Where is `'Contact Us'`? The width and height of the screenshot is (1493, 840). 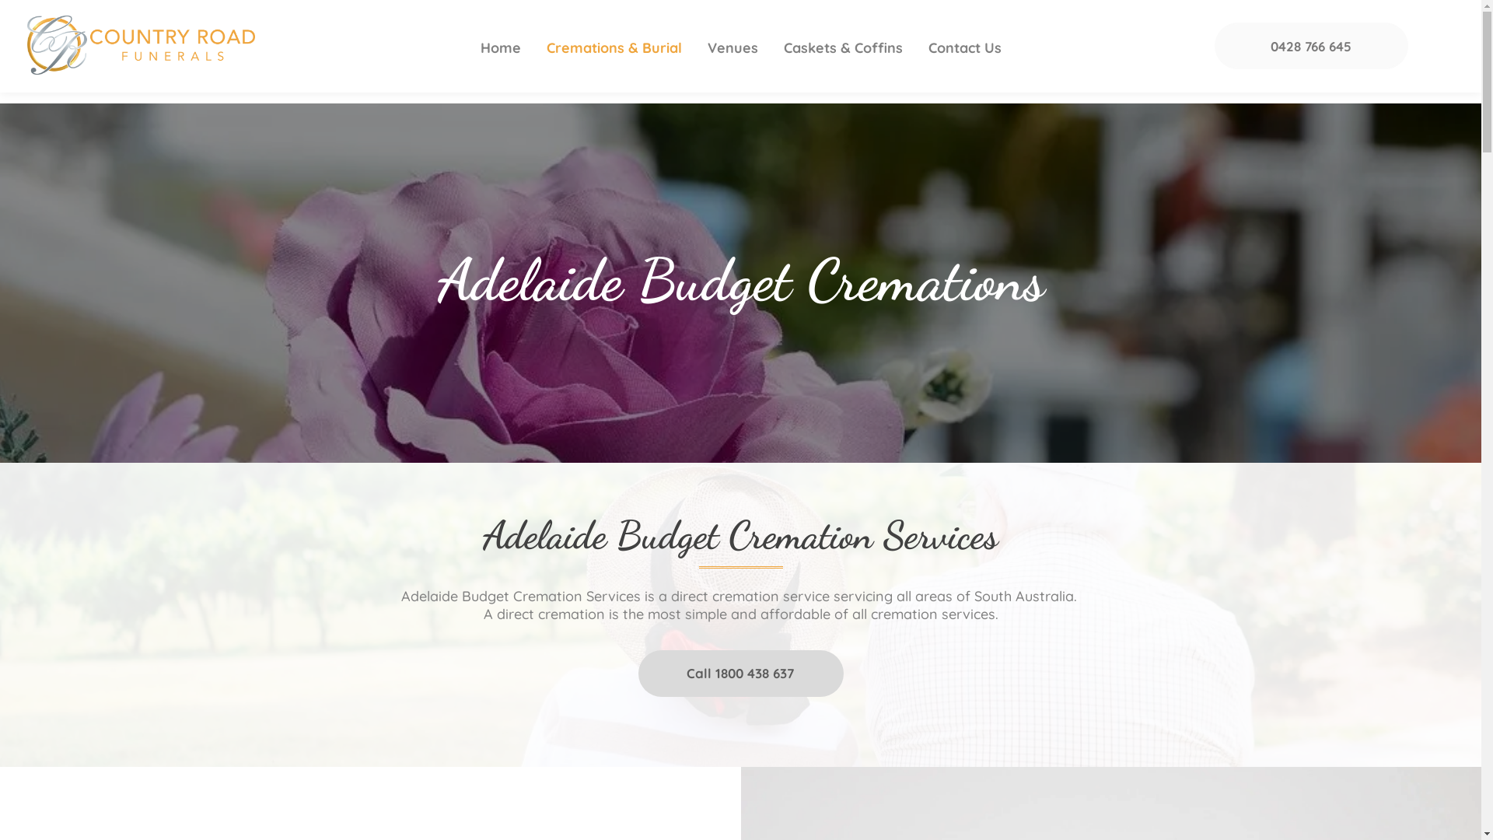
'Contact Us' is located at coordinates (964, 47).